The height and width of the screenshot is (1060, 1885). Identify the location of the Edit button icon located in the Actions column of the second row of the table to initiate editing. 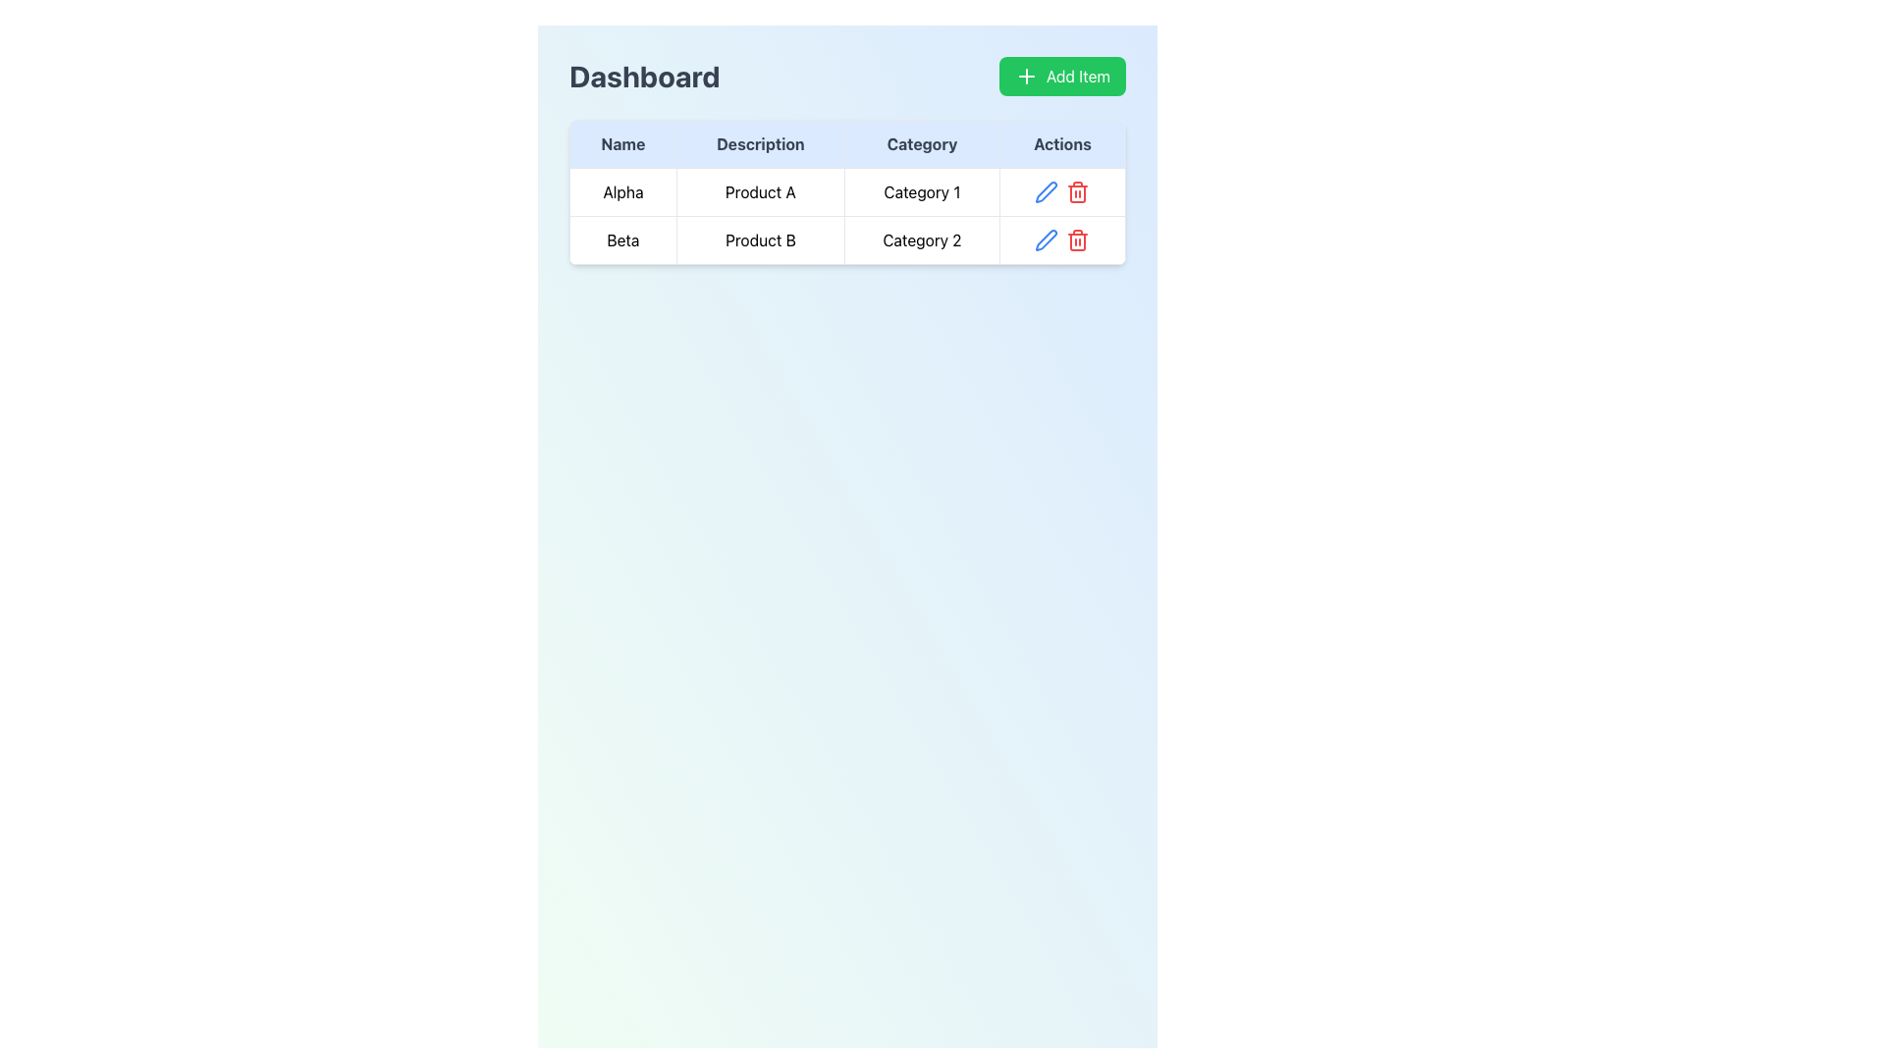
(1046, 239).